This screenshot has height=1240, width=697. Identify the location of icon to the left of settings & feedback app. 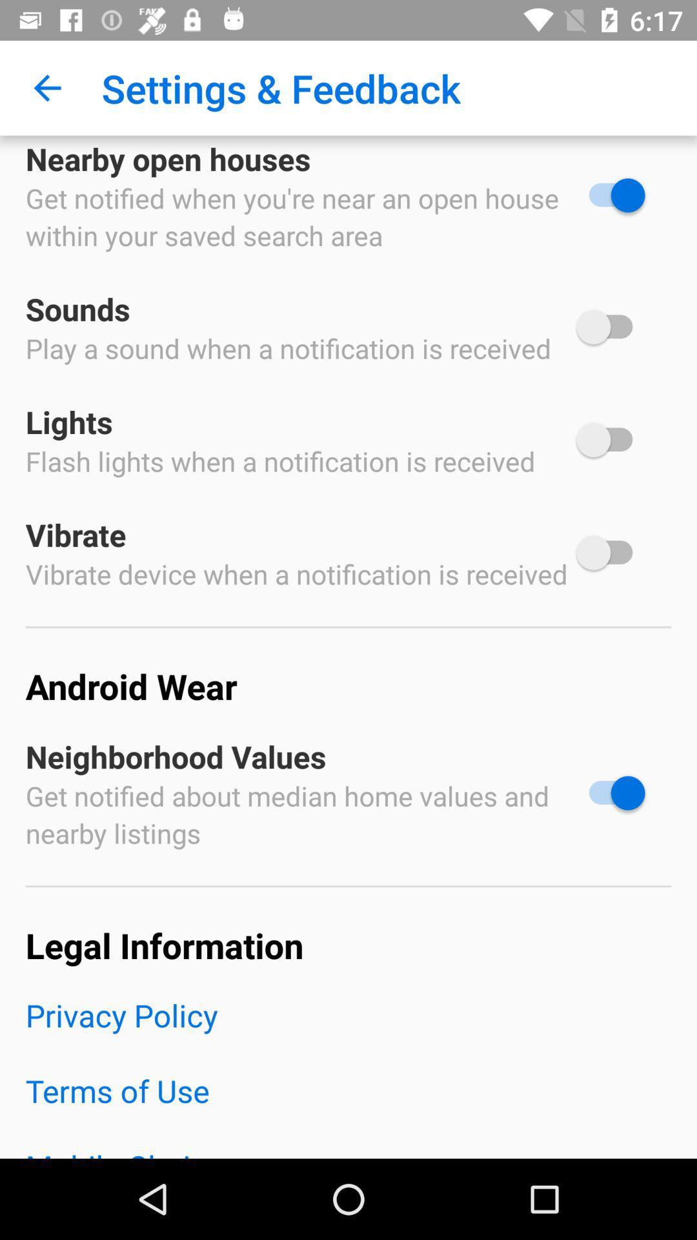
(46, 87).